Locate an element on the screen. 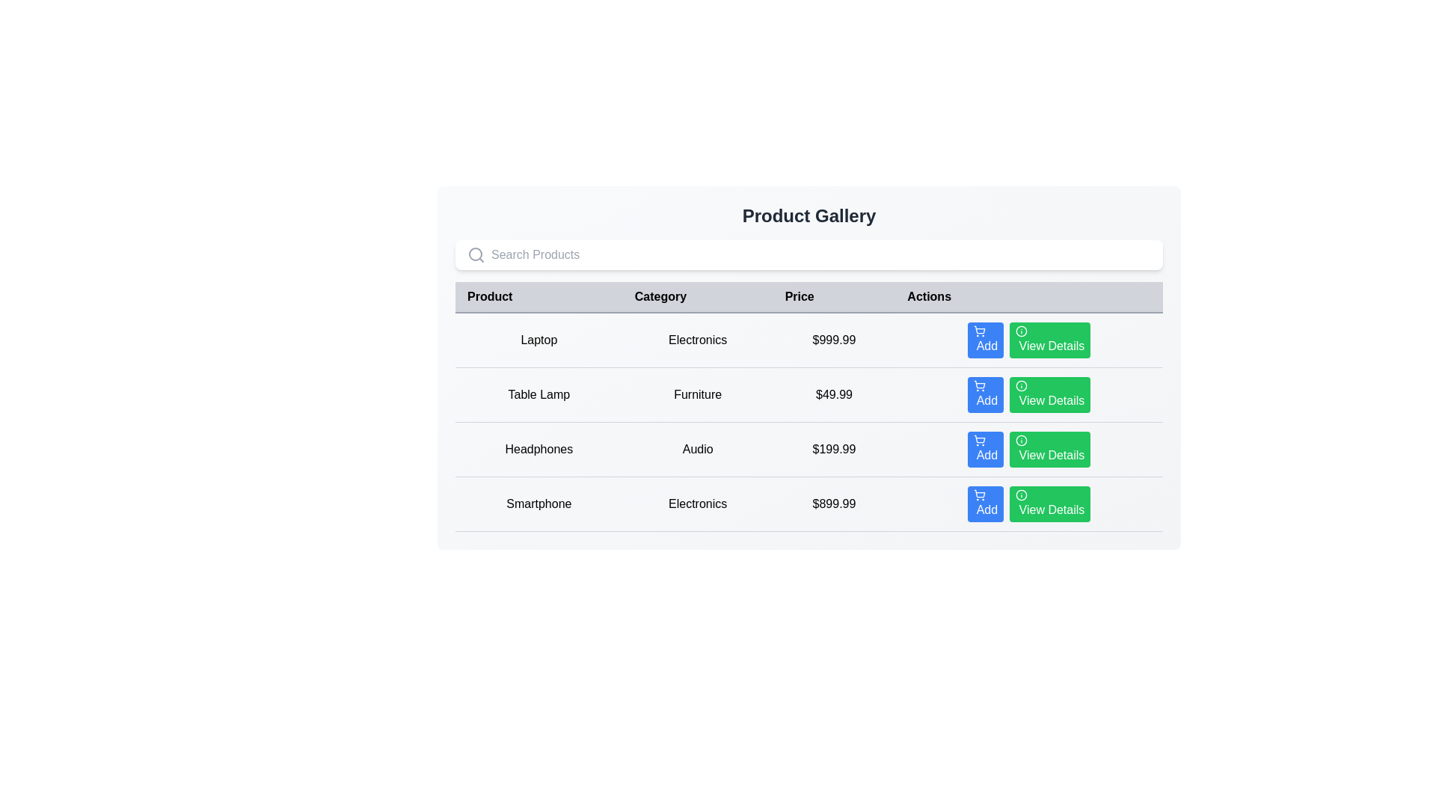 The width and height of the screenshot is (1436, 808). the SVG circle element, which is part of the 'info' icon in the 'Actions' column of the first row is located at coordinates (1021, 331).